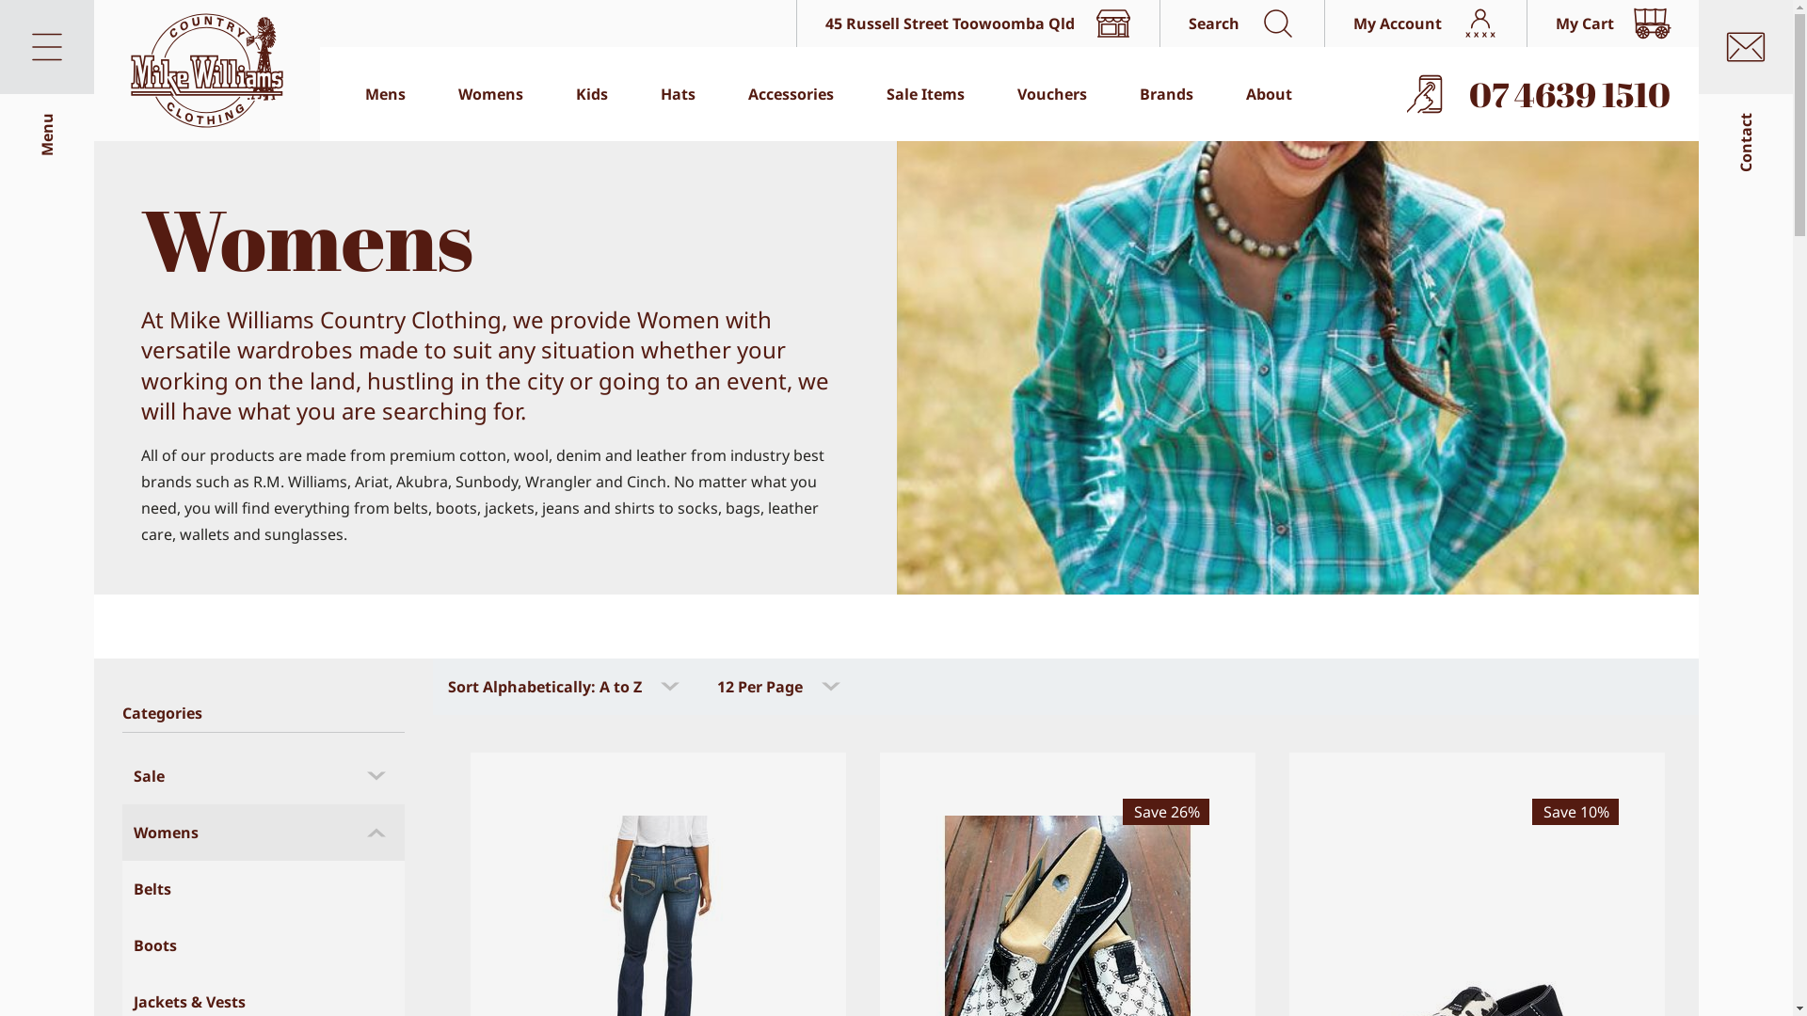  Describe the element at coordinates (1541, 94) in the screenshot. I see `'07 4639 1510'` at that location.